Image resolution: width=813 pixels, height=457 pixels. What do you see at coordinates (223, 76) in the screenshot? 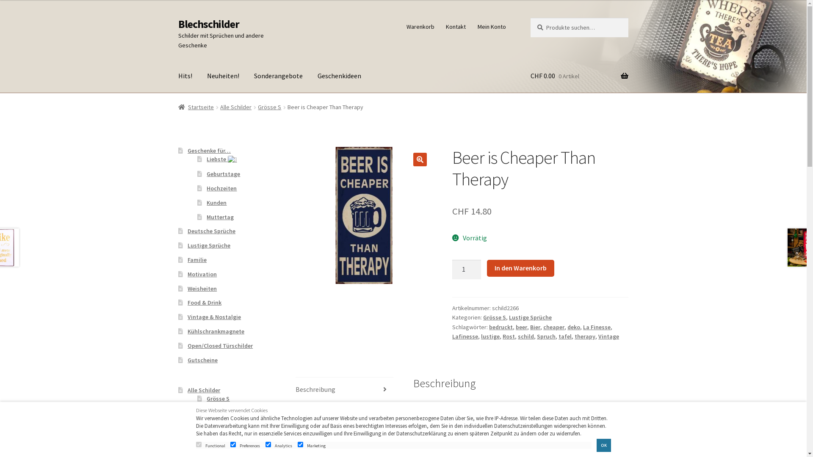
I see `'Neuheiten!'` at bounding box center [223, 76].